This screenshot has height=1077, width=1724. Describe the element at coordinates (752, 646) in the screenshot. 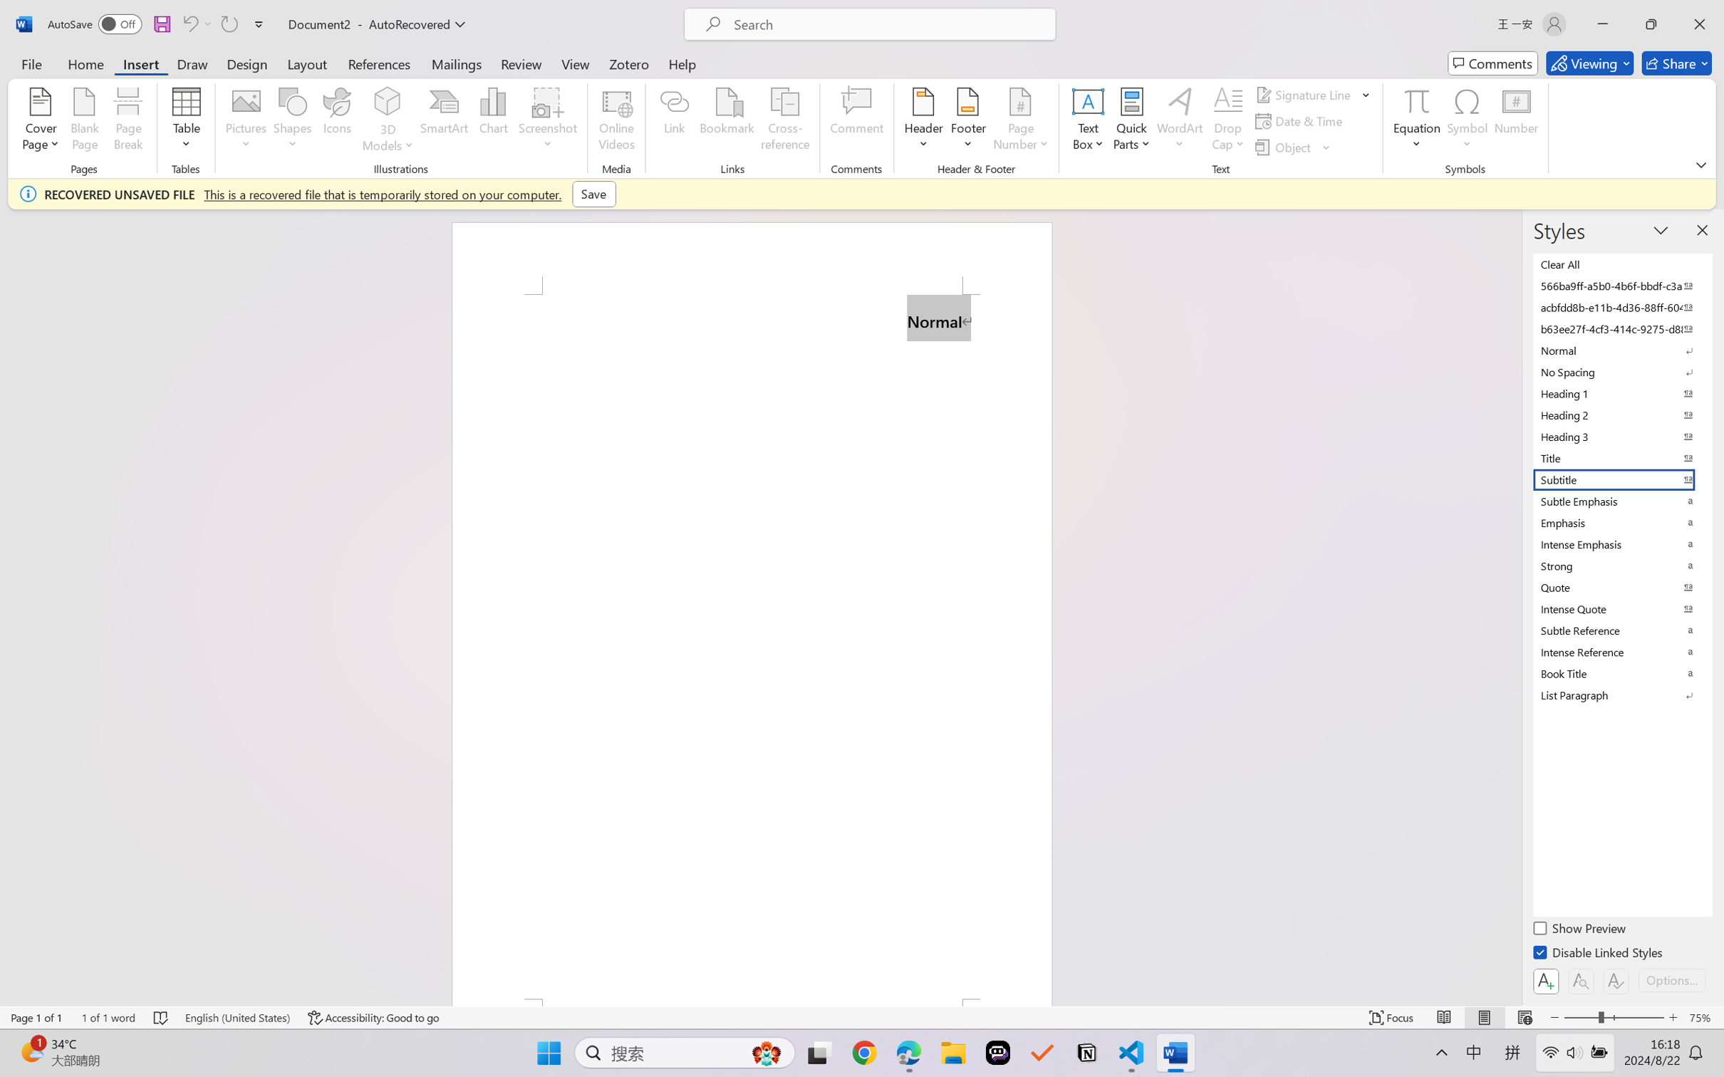

I see `'Page 1 content'` at that location.